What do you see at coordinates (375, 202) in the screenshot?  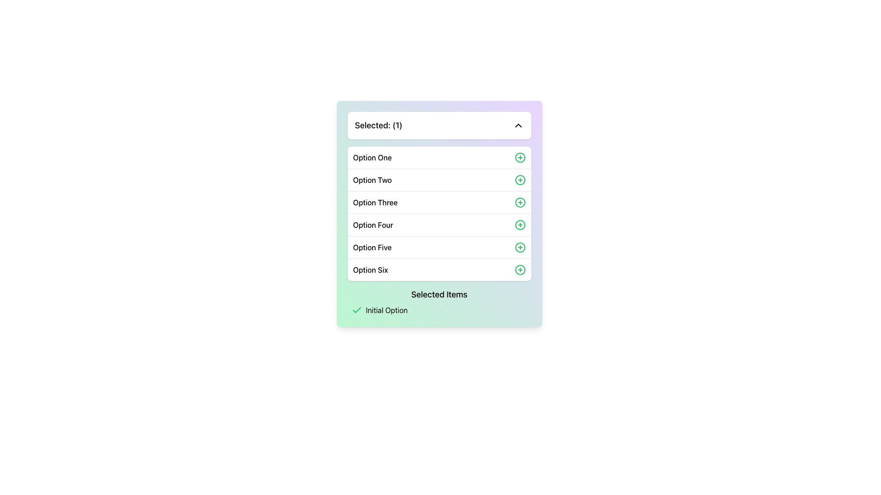 I see `the text label that reads 'Option Three', which is the third option in a vertically stacked list of options below the highlighted section titled 'Selected: (1)'` at bounding box center [375, 202].